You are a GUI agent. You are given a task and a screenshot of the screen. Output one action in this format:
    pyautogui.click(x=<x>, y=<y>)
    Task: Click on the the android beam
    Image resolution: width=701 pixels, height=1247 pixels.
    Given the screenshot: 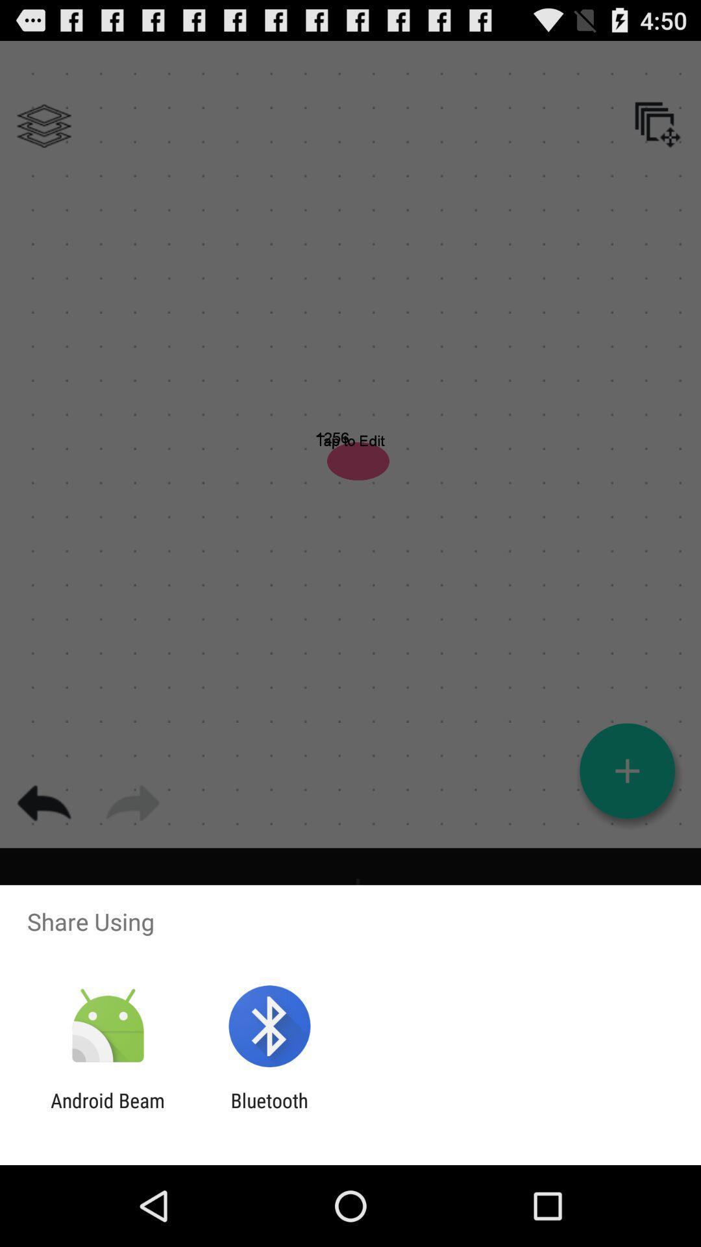 What is the action you would take?
    pyautogui.click(x=107, y=1111)
    